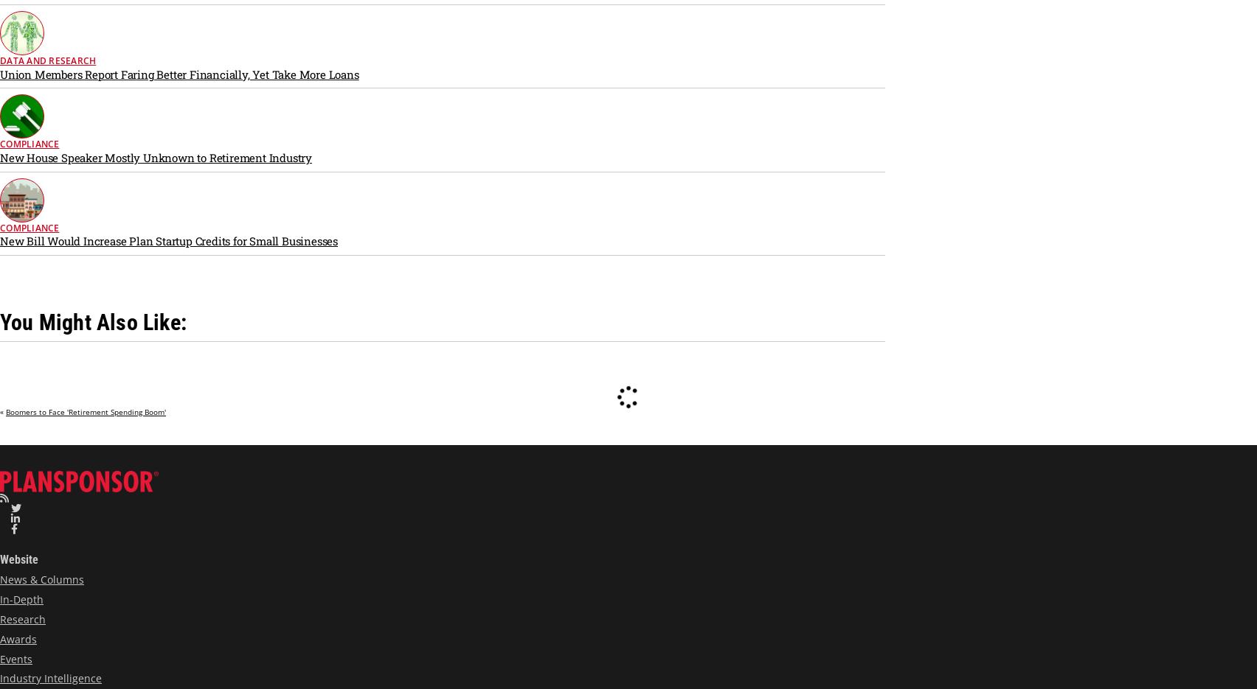 Image resolution: width=1257 pixels, height=689 pixels. I want to click on 'You Might Also Like:', so click(93, 321).